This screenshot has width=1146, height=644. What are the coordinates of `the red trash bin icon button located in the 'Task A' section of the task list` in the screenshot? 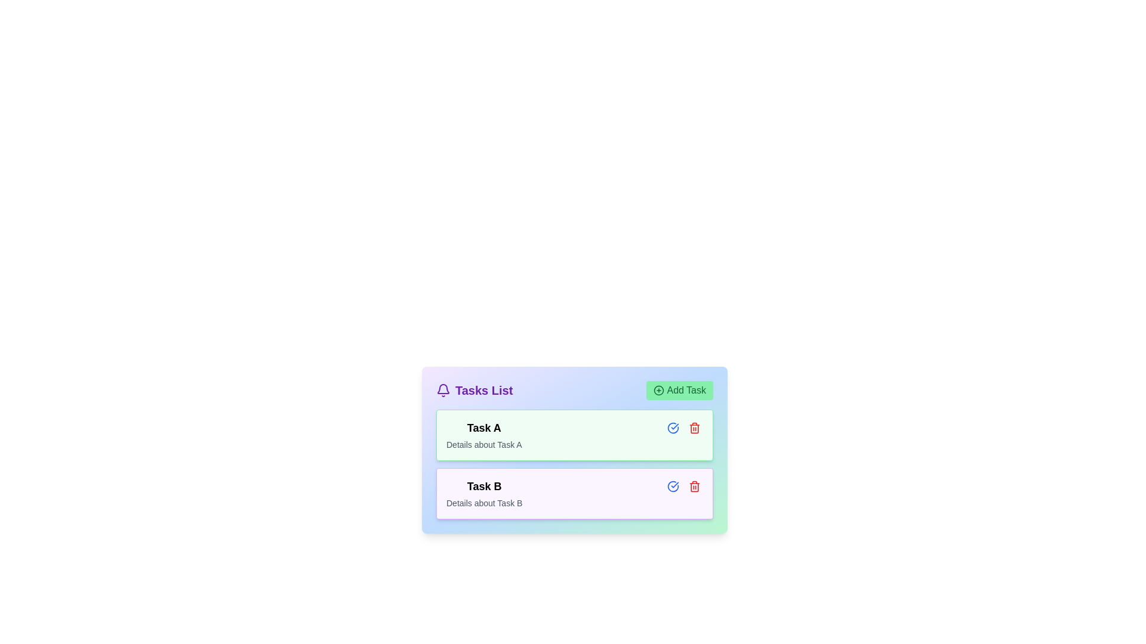 It's located at (694, 427).